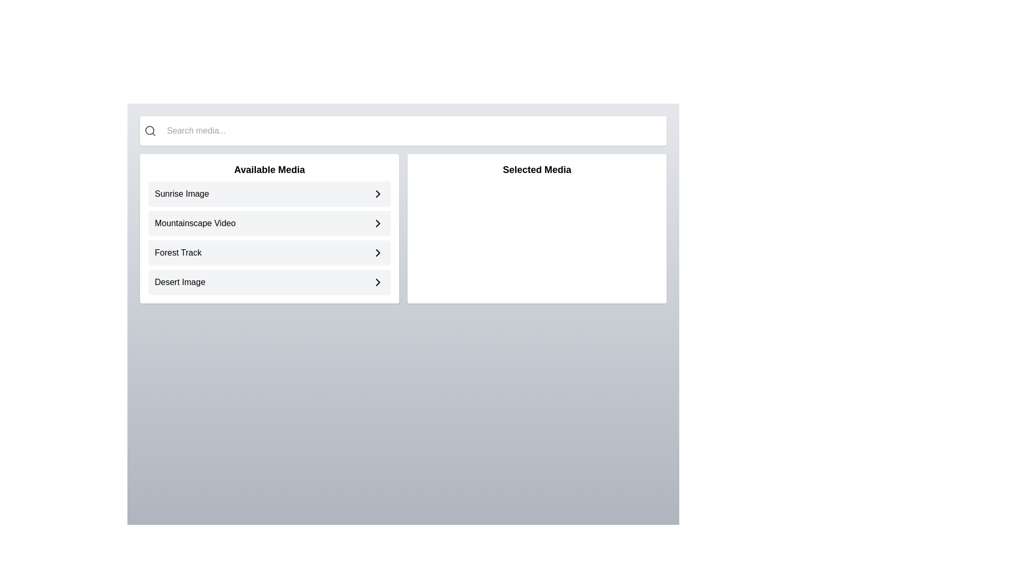 This screenshot has height=568, width=1011. Describe the element at coordinates (378, 194) in the screenshot. I see `the rightward-pointing chevron icon, which is styled as an outlined arrow within the 'Sunrise Image' label in the 'Available Media' section` at that location.